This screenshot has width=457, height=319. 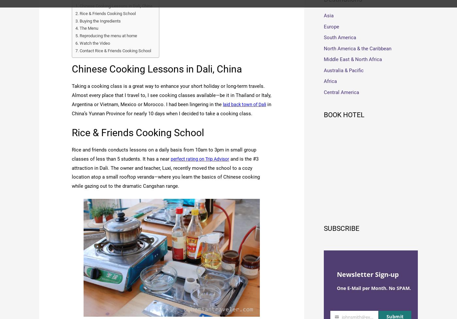 I want to click on 'Reproducing the menu at home', so click(x=112, y=36).